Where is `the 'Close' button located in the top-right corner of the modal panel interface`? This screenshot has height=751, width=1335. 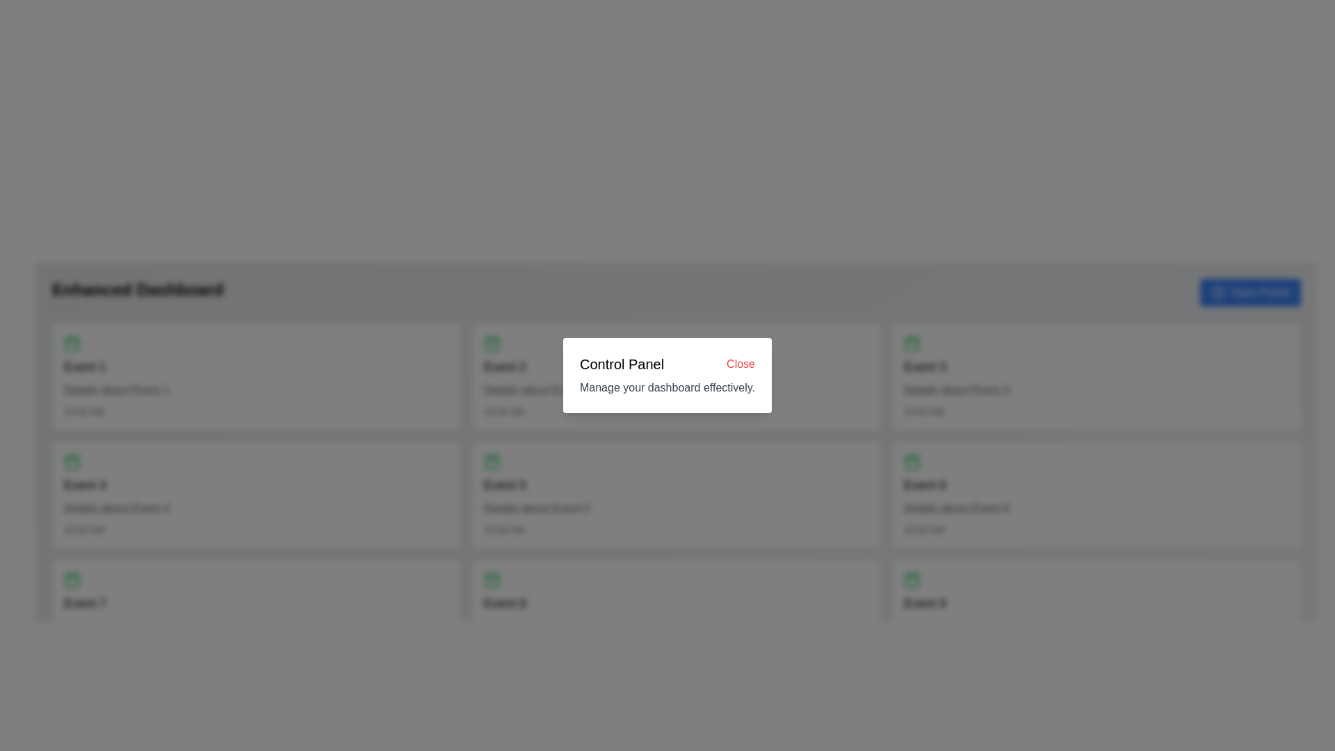
the 'Close' button located in the top-right corner of the modal panel interface is located at coordinates (740, 364).